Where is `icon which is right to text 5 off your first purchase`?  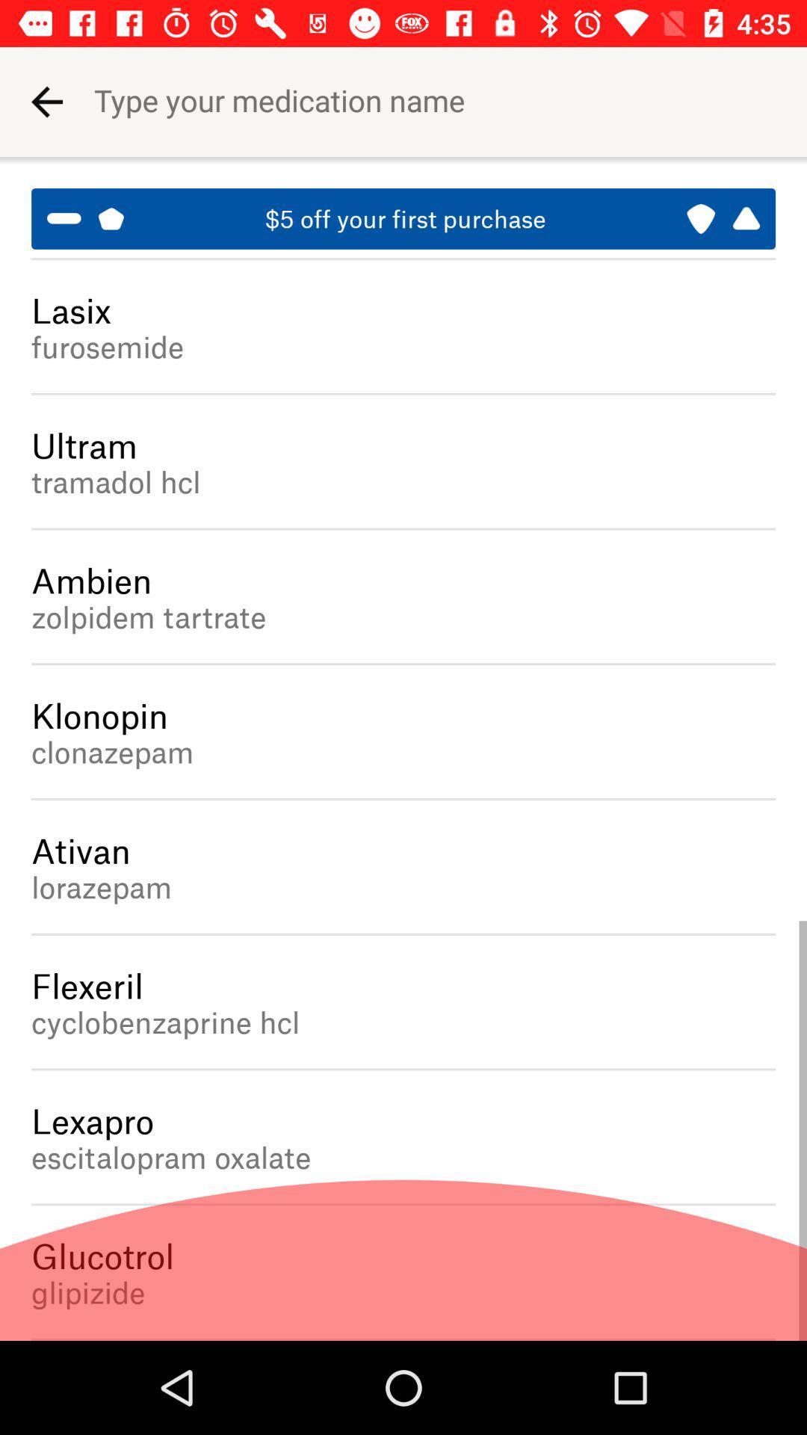 icon which is right to text 5 off your first purchase is located at coordinates (723, 217).